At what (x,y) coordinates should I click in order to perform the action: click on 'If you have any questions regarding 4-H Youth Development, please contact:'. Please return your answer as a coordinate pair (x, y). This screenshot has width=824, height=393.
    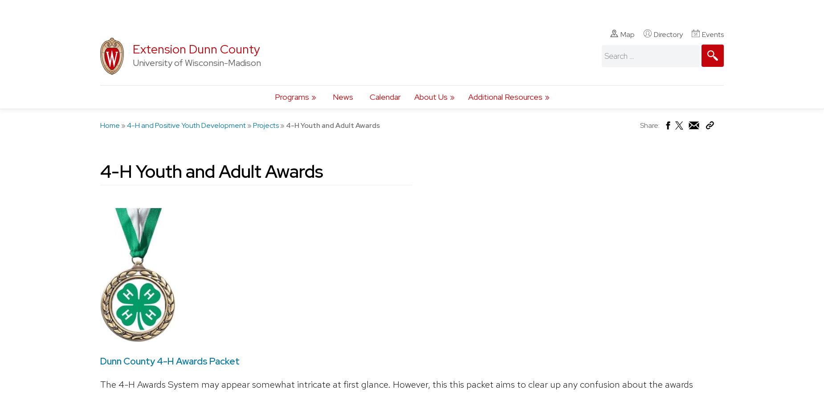
    Looking at the image, I should click on (328, 303).